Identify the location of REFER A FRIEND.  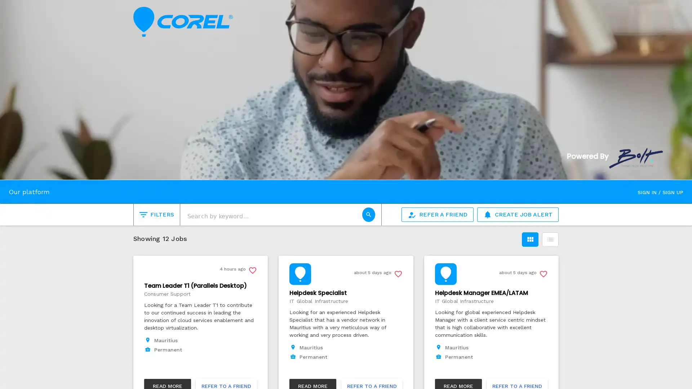
(437, 214).